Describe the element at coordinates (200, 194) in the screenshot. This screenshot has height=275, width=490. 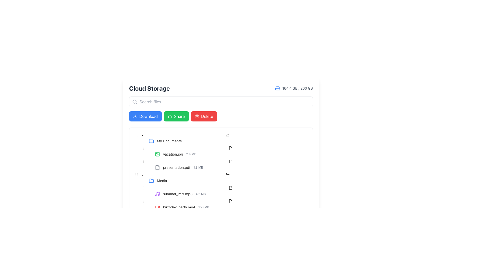
I see `the label indicating the file size of the music file 'summer_mix.mp3', located to the right of the file name in the UI` at that location.